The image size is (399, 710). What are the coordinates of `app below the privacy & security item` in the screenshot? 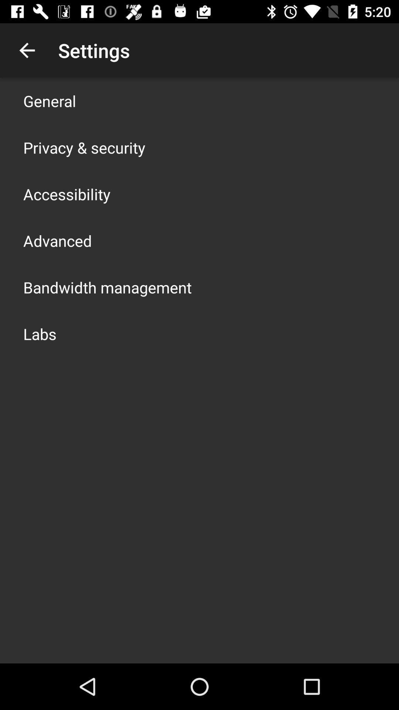 It's located at (67, 194).